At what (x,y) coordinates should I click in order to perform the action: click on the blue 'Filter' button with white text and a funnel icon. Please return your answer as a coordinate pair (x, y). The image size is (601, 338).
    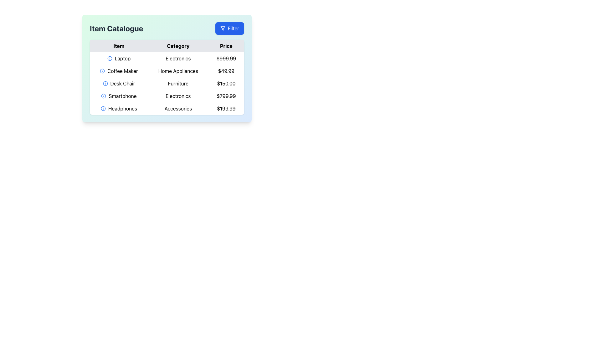
    Looking at the image, I should click on (229, 28).